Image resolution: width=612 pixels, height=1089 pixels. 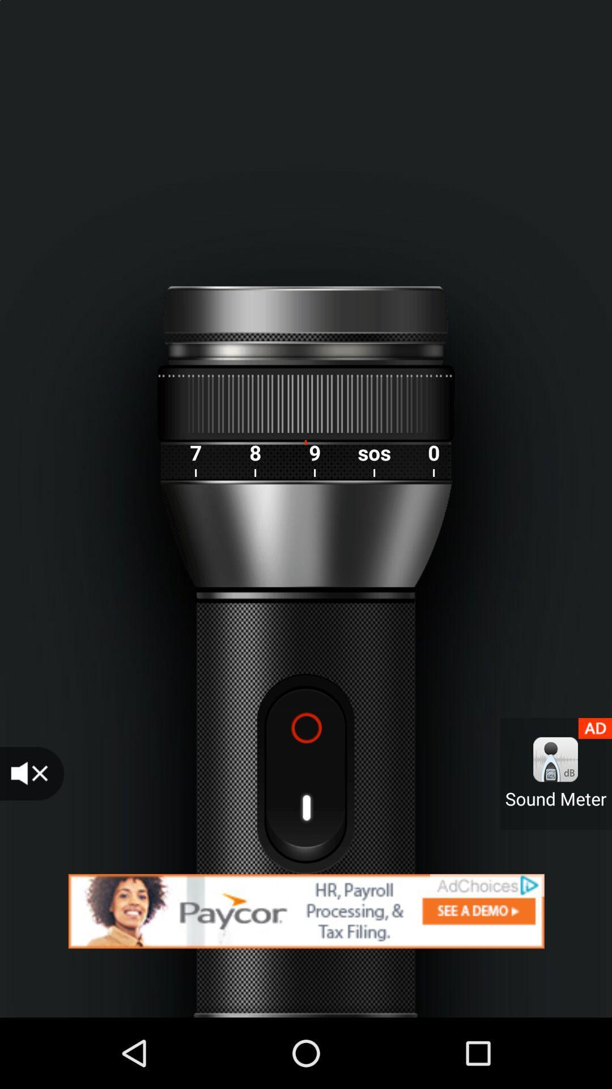 What do you see at coordinates (306, 911) in the screenshot?
I see `redirect to advertisement` at bounding box center [306, 911].